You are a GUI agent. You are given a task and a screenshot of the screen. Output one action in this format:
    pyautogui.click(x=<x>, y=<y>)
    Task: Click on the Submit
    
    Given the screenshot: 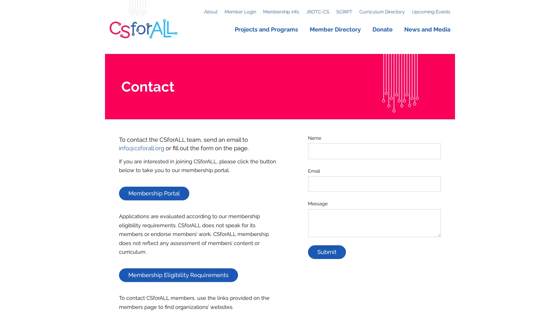 What is the action you would take?
    pyautogui.click(x=327, y=252)
    